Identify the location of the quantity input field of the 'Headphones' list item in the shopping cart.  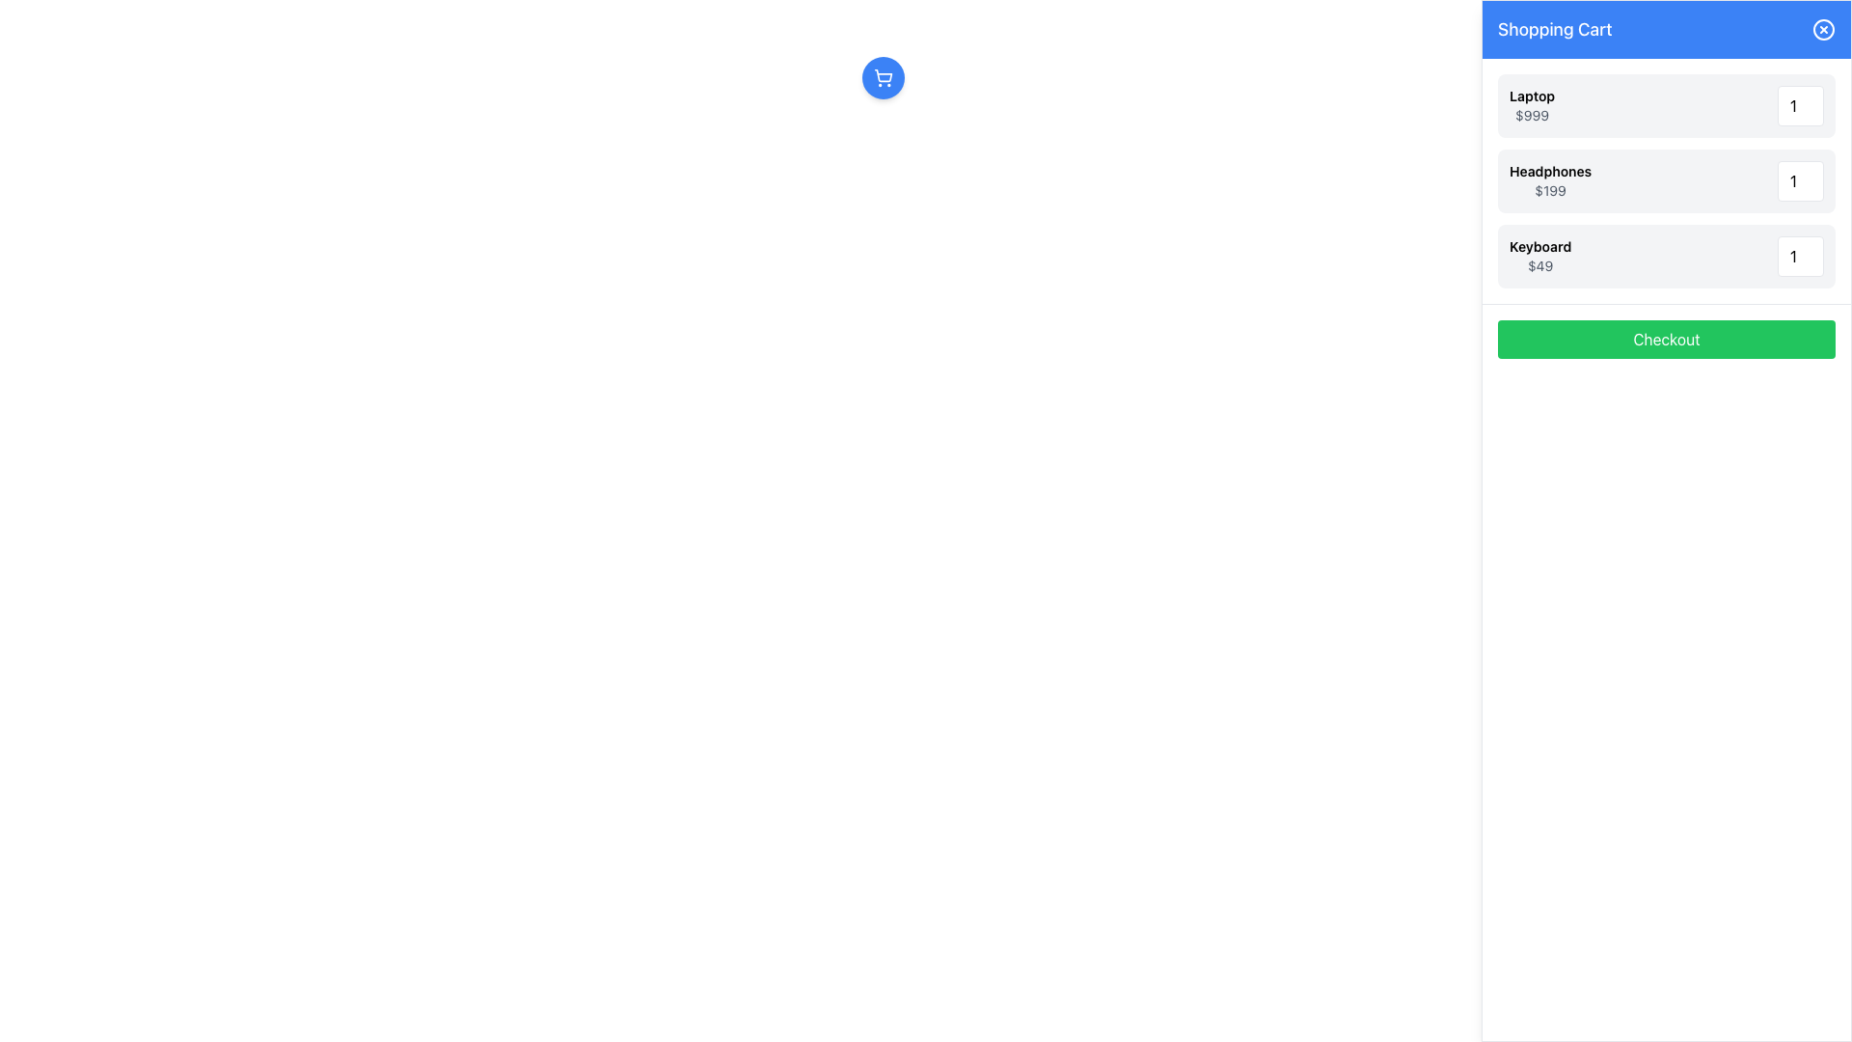
(1666, 181).